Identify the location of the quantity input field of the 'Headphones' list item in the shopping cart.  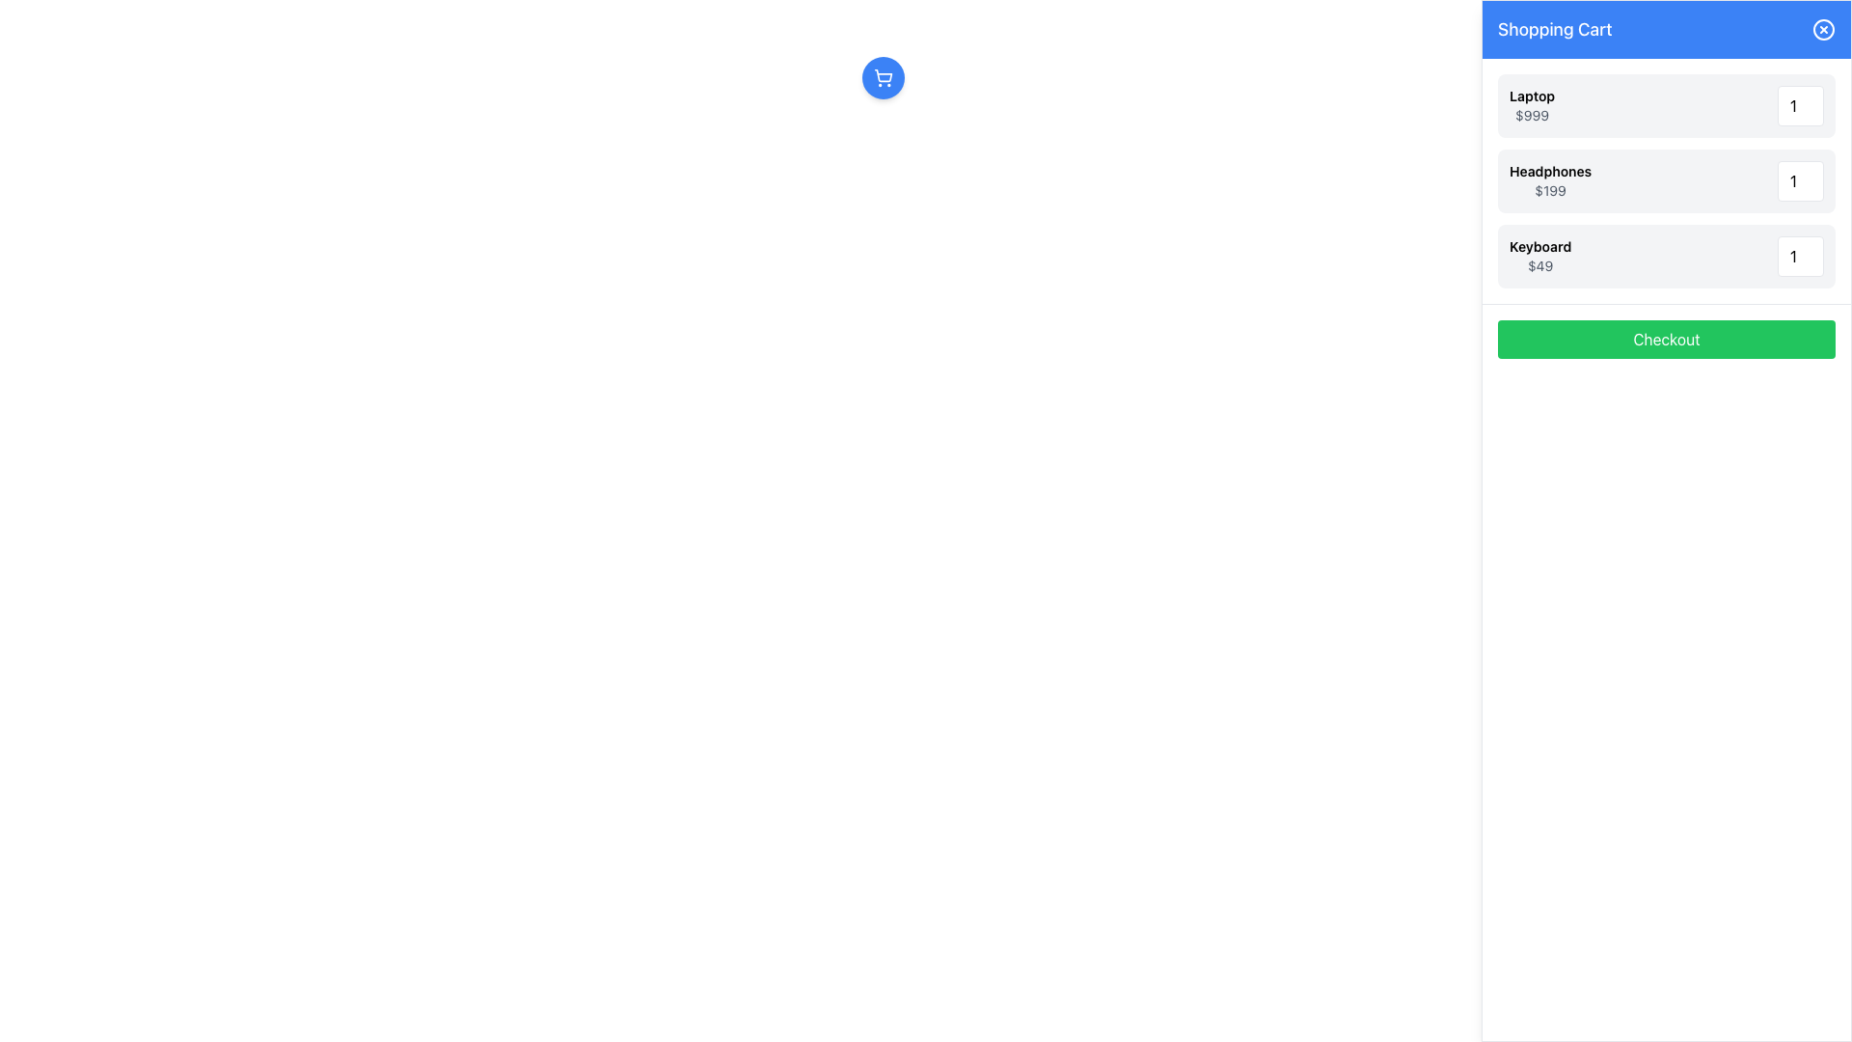
(1666, 181).